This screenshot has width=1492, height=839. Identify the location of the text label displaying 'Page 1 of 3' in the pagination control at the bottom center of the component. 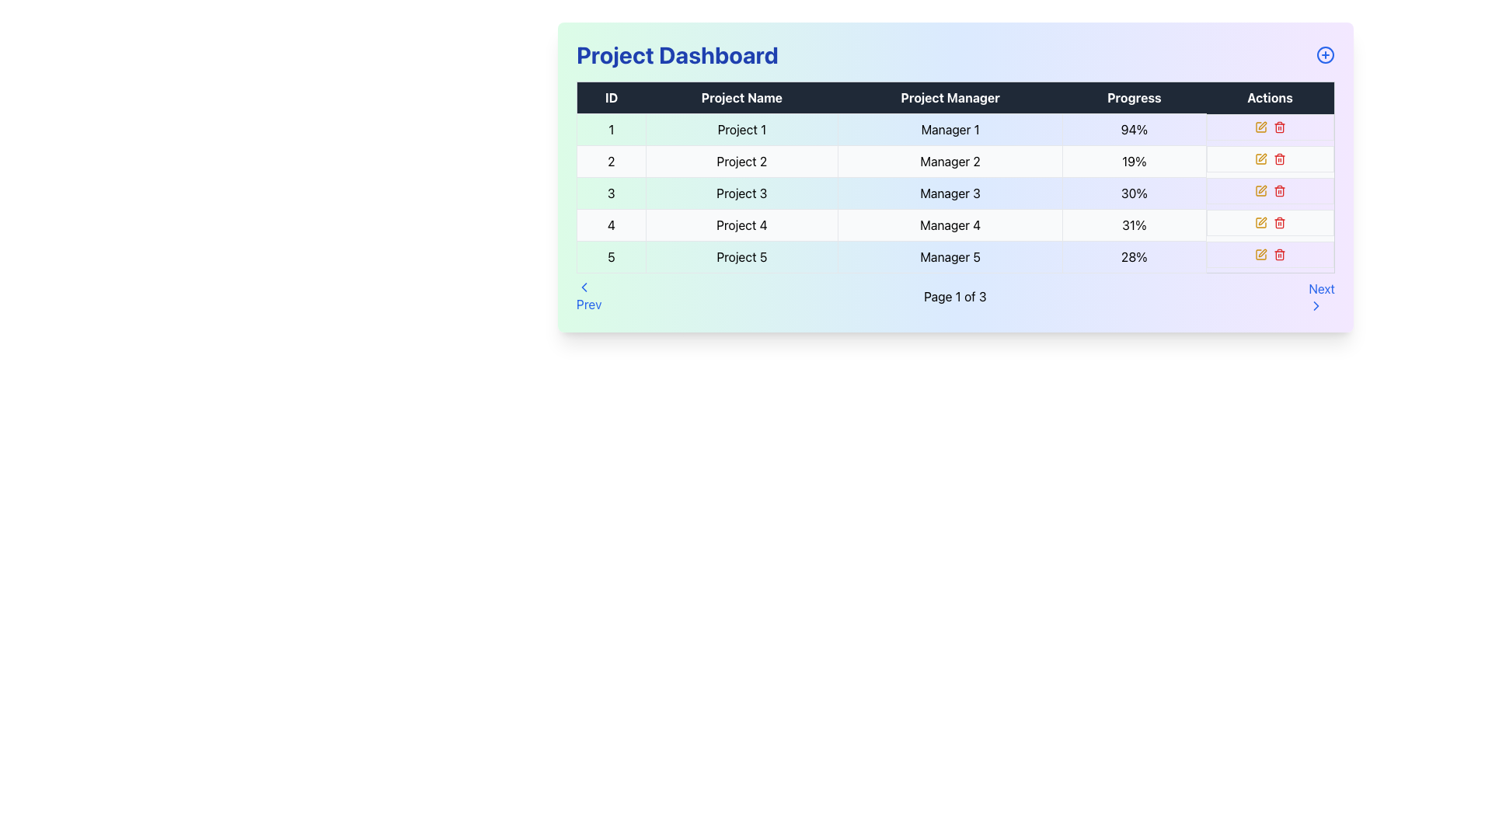
(954, 296).